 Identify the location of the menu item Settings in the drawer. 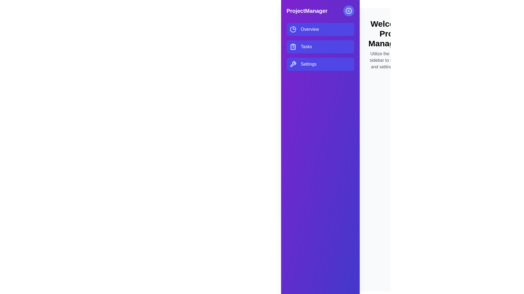
(320, 64).